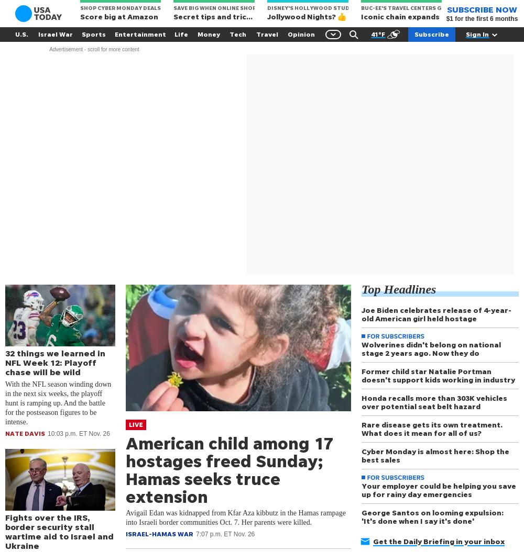  Describe the element at coordinates (361, 516) in the screenshot. I see `'George Santos on looming expulsion: 'It's done when I say it's done''` at that location.